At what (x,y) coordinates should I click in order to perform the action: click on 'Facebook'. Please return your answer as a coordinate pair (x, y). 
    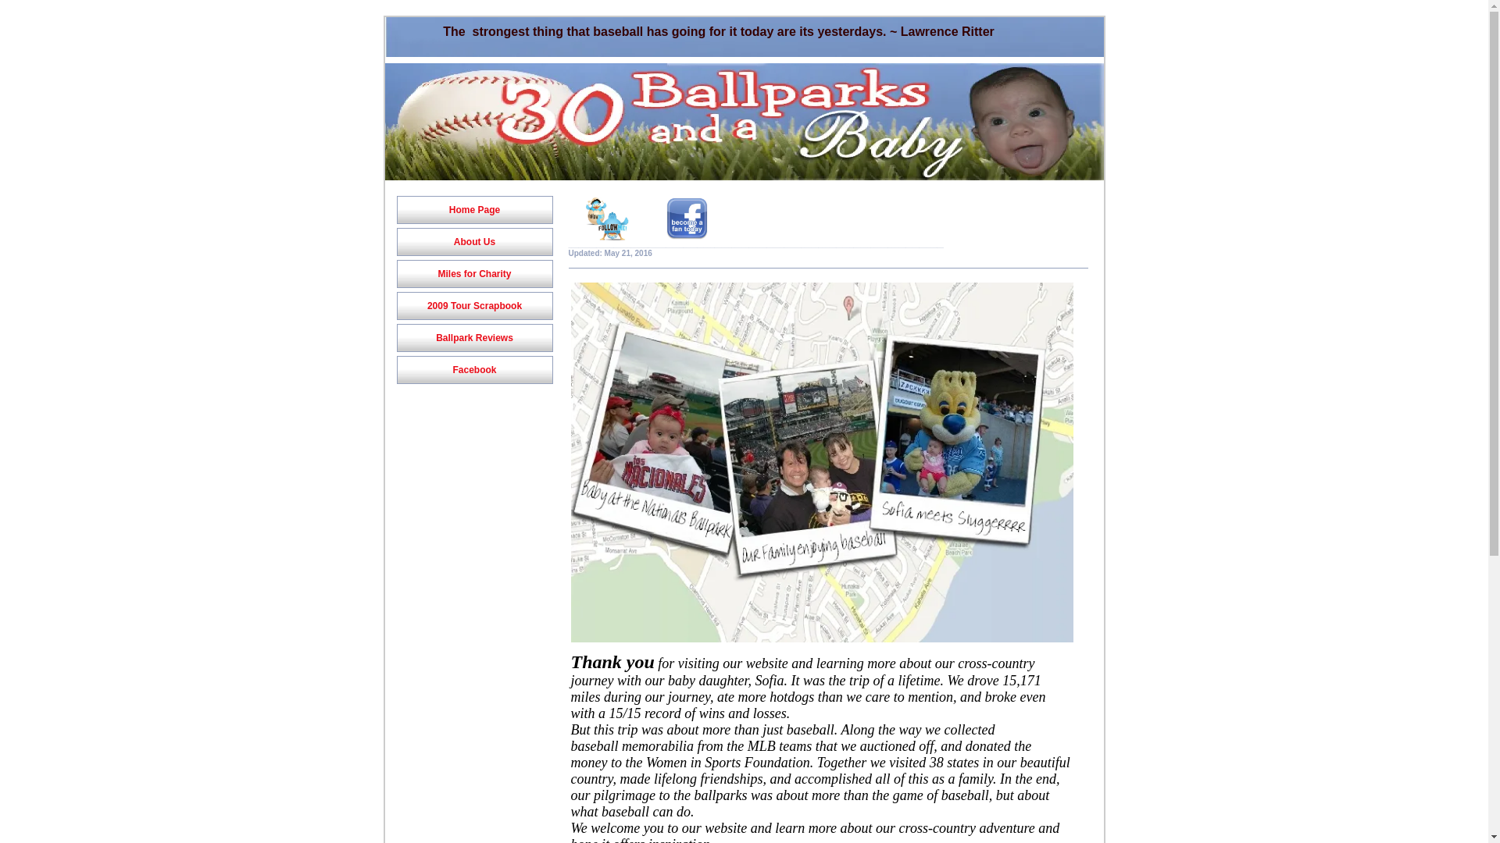
    Looking at the image, I should click on (473, 370).